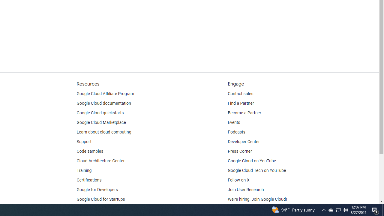 The height and width of the screenshot is (216, 384). What do you see at coordinates (257, 170) in the screenshot?
I see `'Google Cloud Tech on YouTube'` at bounding box center [257, 170].